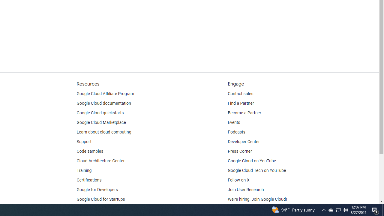 The height and width of the screenshot is (216, 384). What do you see at coordinates (257, 170) in the screenshot?
I see `'Google Cloud Tech on YouTube'` at bounding box center [257, 170].